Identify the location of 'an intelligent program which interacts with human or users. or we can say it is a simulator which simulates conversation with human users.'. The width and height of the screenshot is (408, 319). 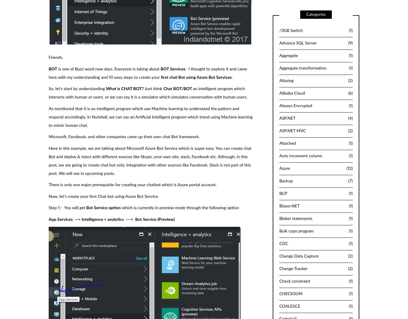
(148, 93).